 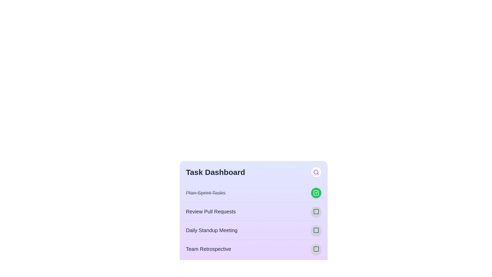 What do you see at coordinates (212, 230) in the screenshot?
I see `the task title 'Daily Standup Meeting' to focus or select the text` at bounding box center [212, 230].